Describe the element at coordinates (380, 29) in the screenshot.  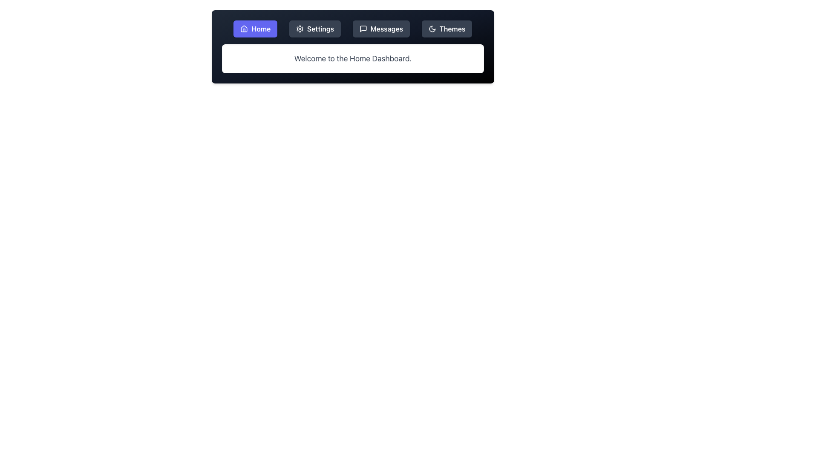
I see `the 'Messages' button, which is the third button from the left` at that location.